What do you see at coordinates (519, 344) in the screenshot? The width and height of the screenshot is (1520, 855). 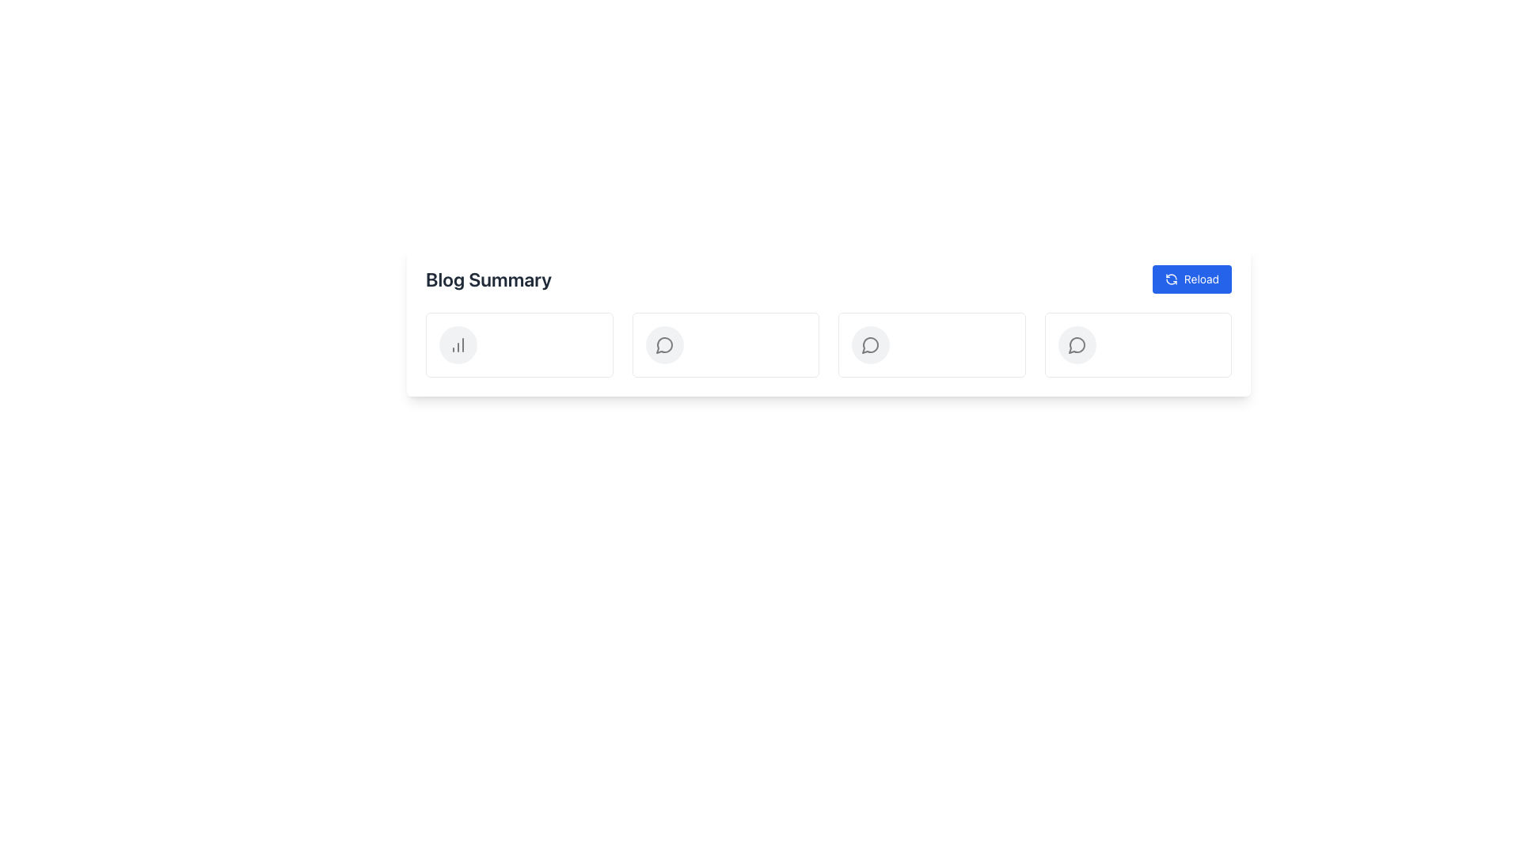 I see `the placeholder loading indicator located to the right of the 'Blog Summary' title` at bounding box center [519, 344].